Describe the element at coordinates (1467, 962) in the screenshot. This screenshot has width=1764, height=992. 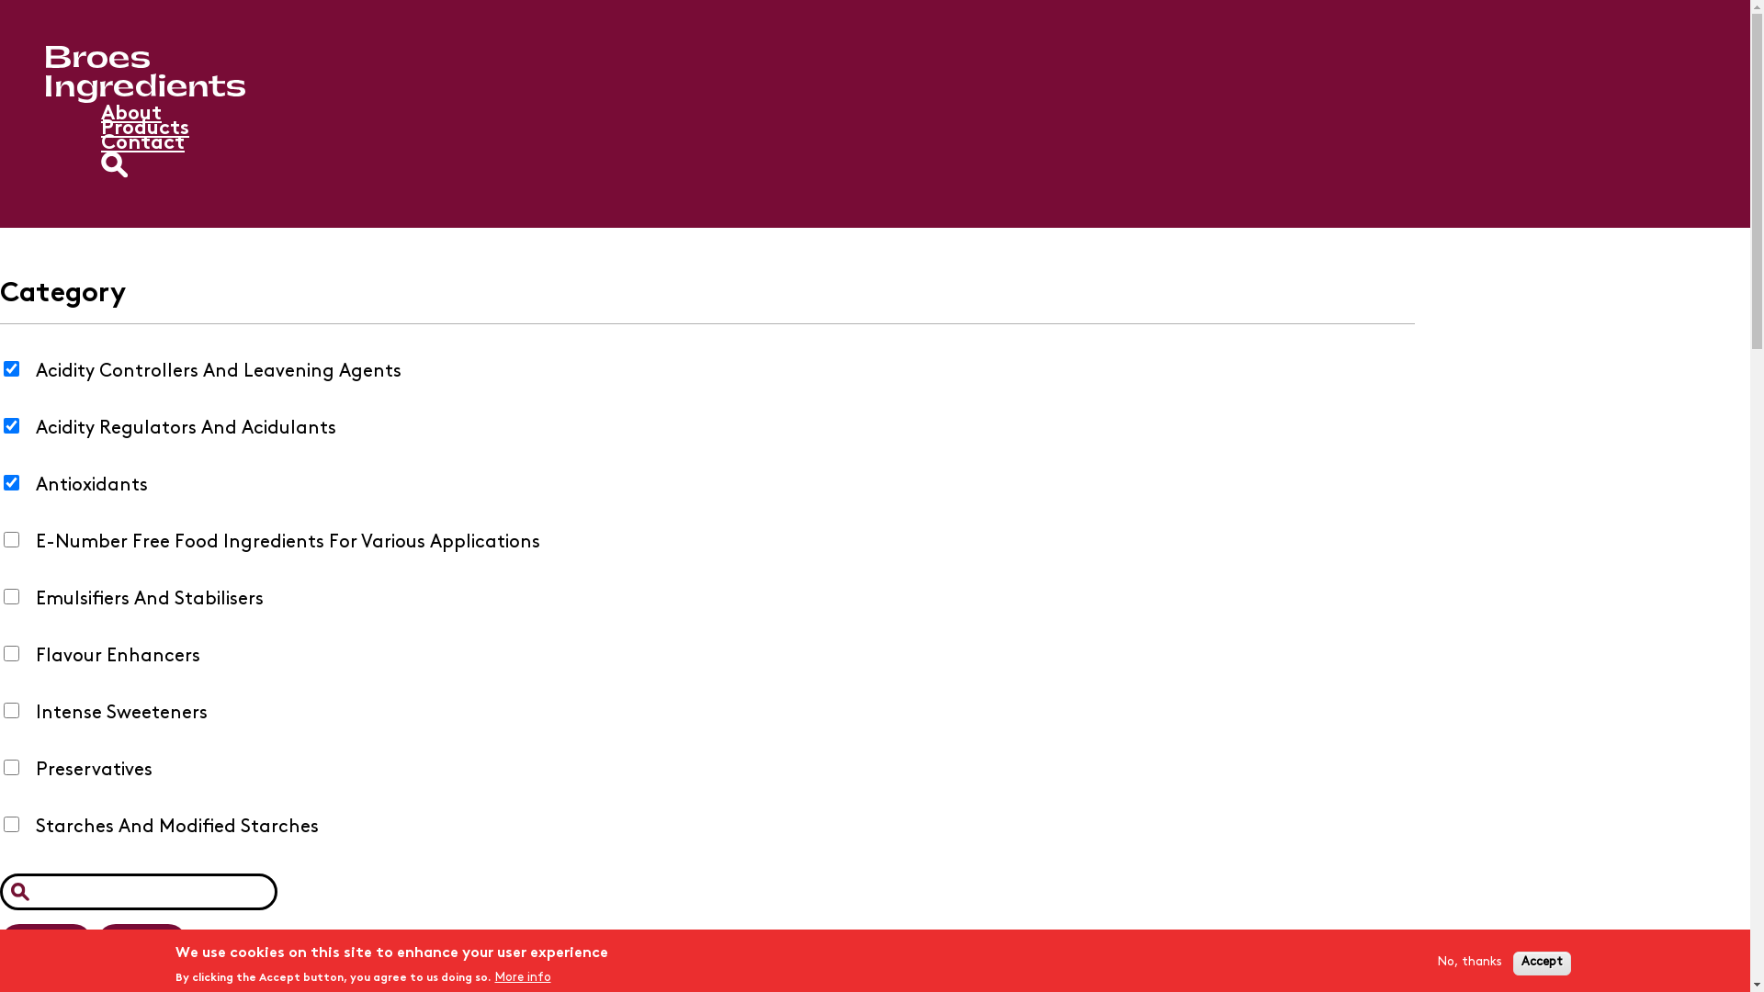
I see `'No, thanks'` at that location.